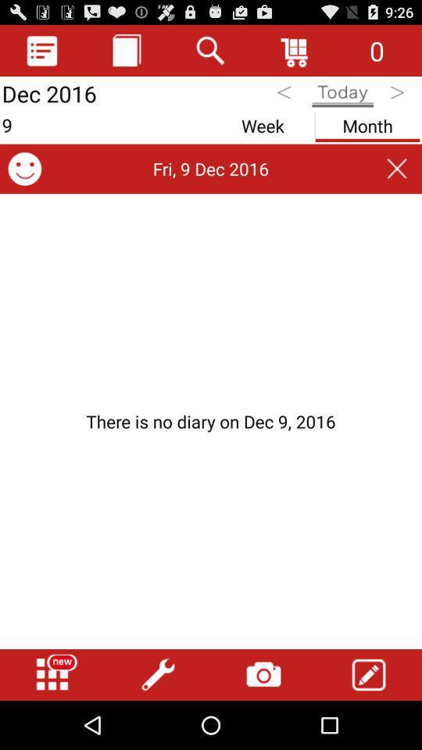 The height and width of the screenshot is (750, 422). Describe the element at coordinates (42, 50) in the screenshot. I see `this button allows you to see the menu` at that location.